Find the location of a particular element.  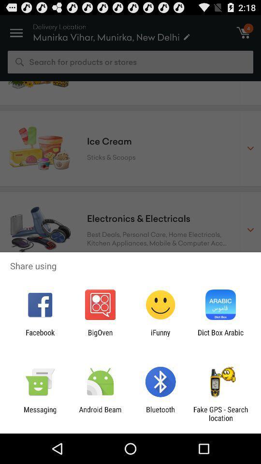

the app next to the dict box arabic is located at coordinates (160, 336).